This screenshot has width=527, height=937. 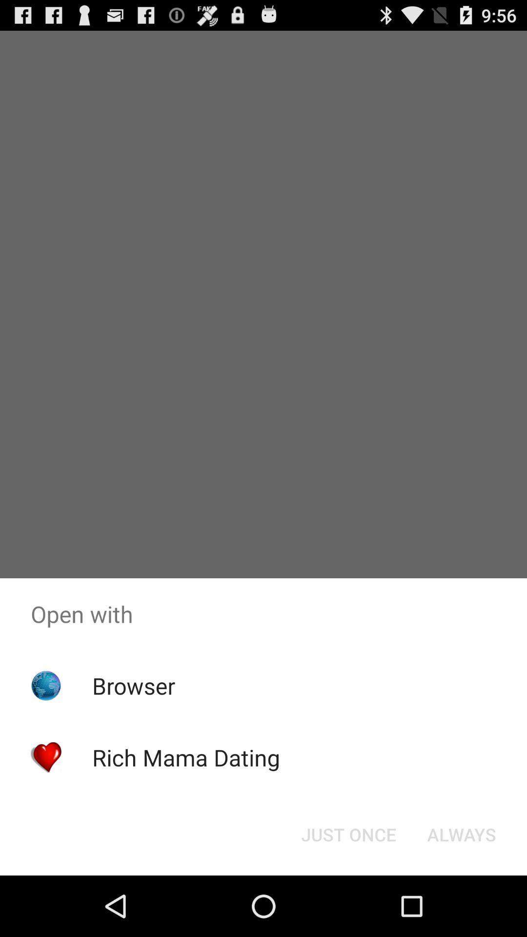 What do you see at coordinates (348, 834) in the screenshot?
I see `just once icon` at bounding box center [348, 834].